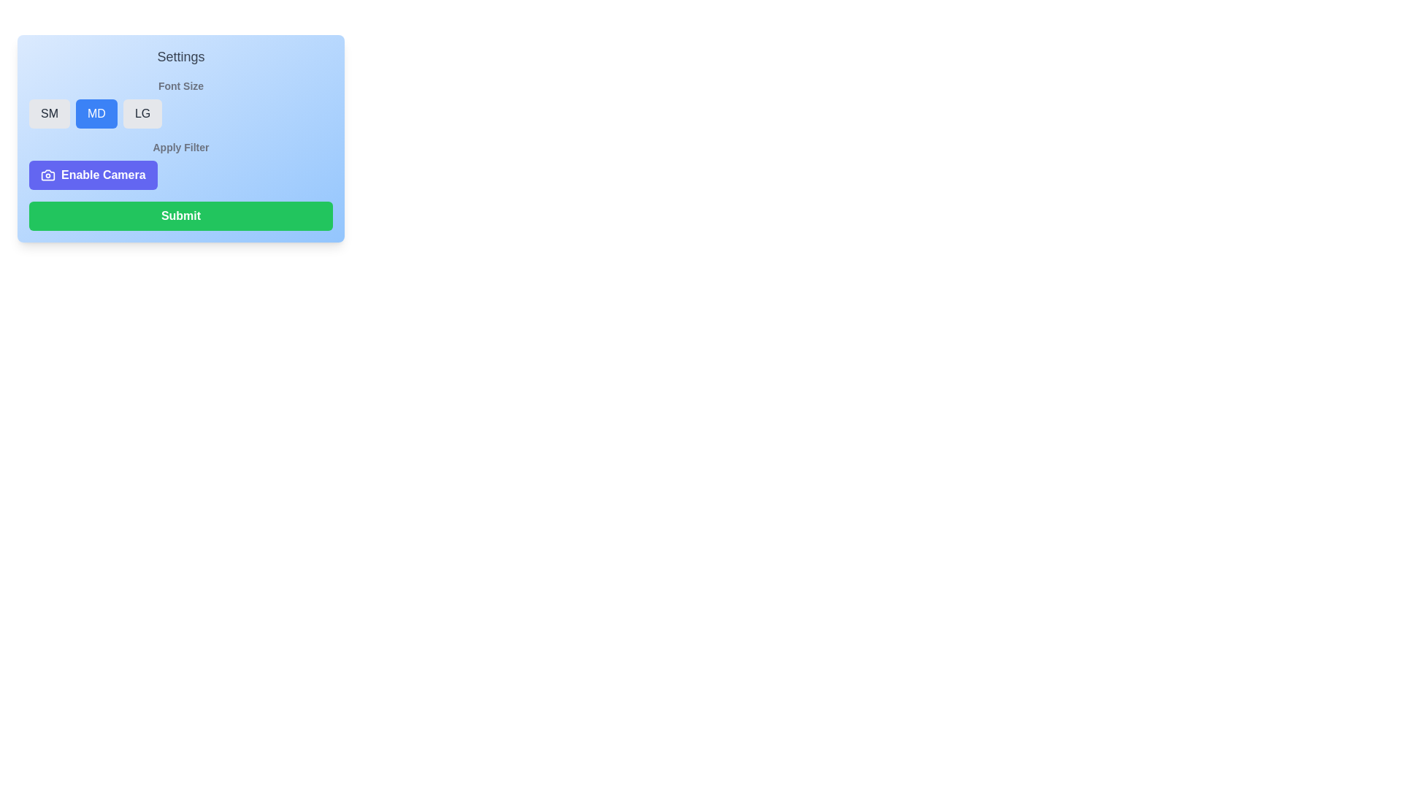 This screenshot has width=1402, height=789. I want to click on the camera activation button located within the settings panel, positioned near the left side, underneath the filters labeled 'SM', 'MD', and 'LG', and just above the green 'Submit' button, so click(92, 174).